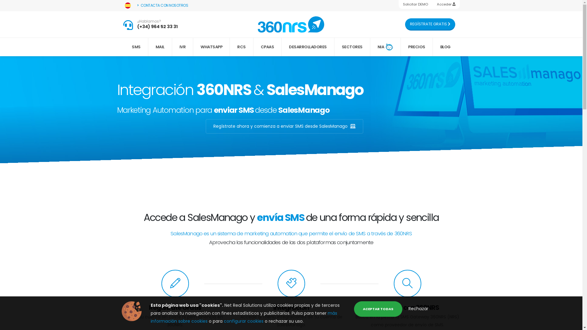 This screenshot has height=330, width=587. Describe the element at coordinates (385, 47) in the screenshot. I see `'NIA'` at that location.